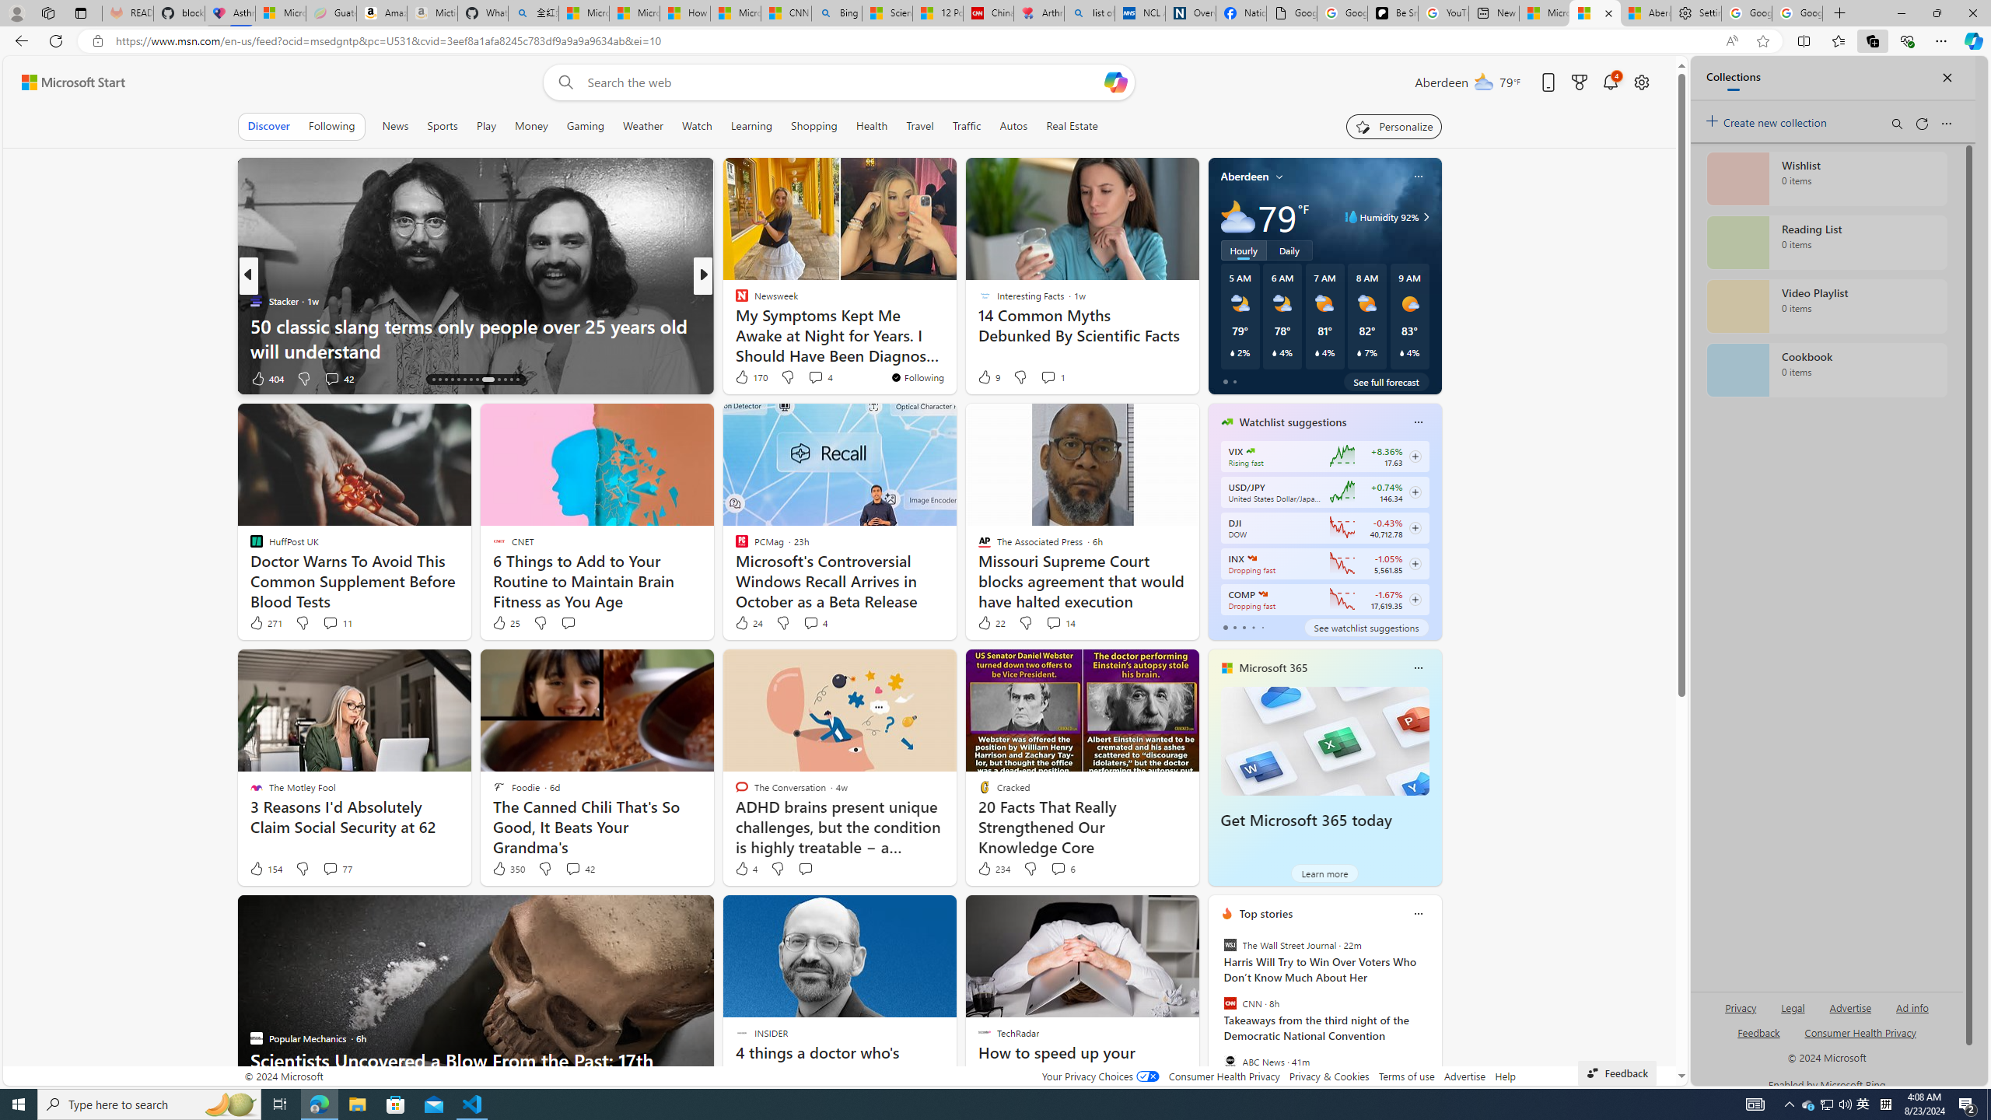 This screenshot has width=1991, height=1120. I want to click on 'You', so click(917, 377).